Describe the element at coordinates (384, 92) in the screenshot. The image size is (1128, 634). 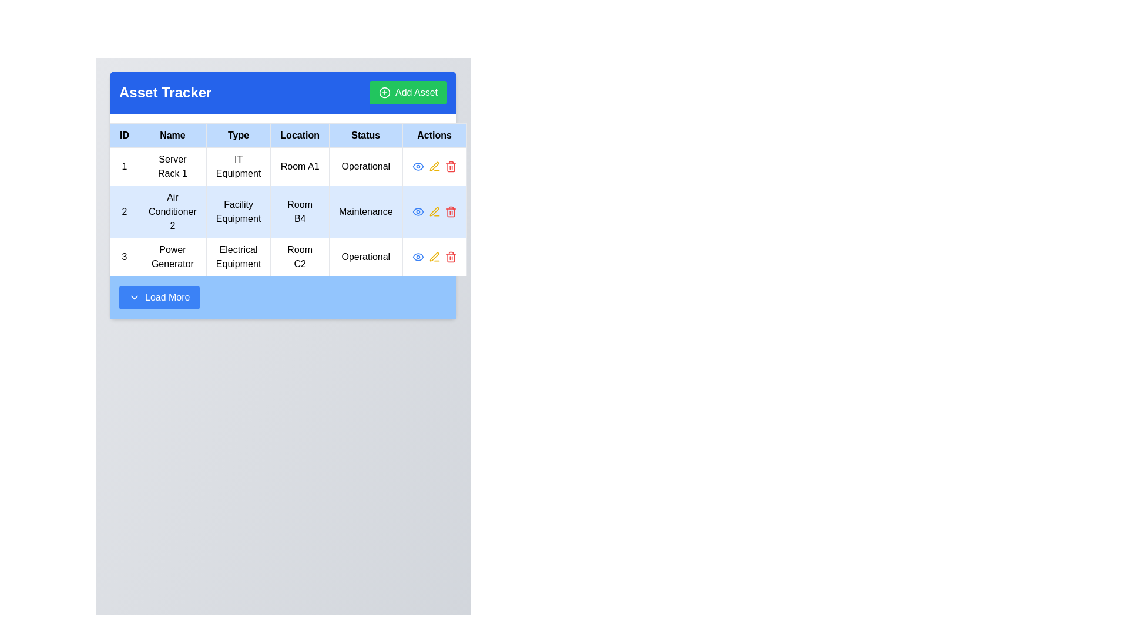
I see `the icon that symbolizes the action` at that location.